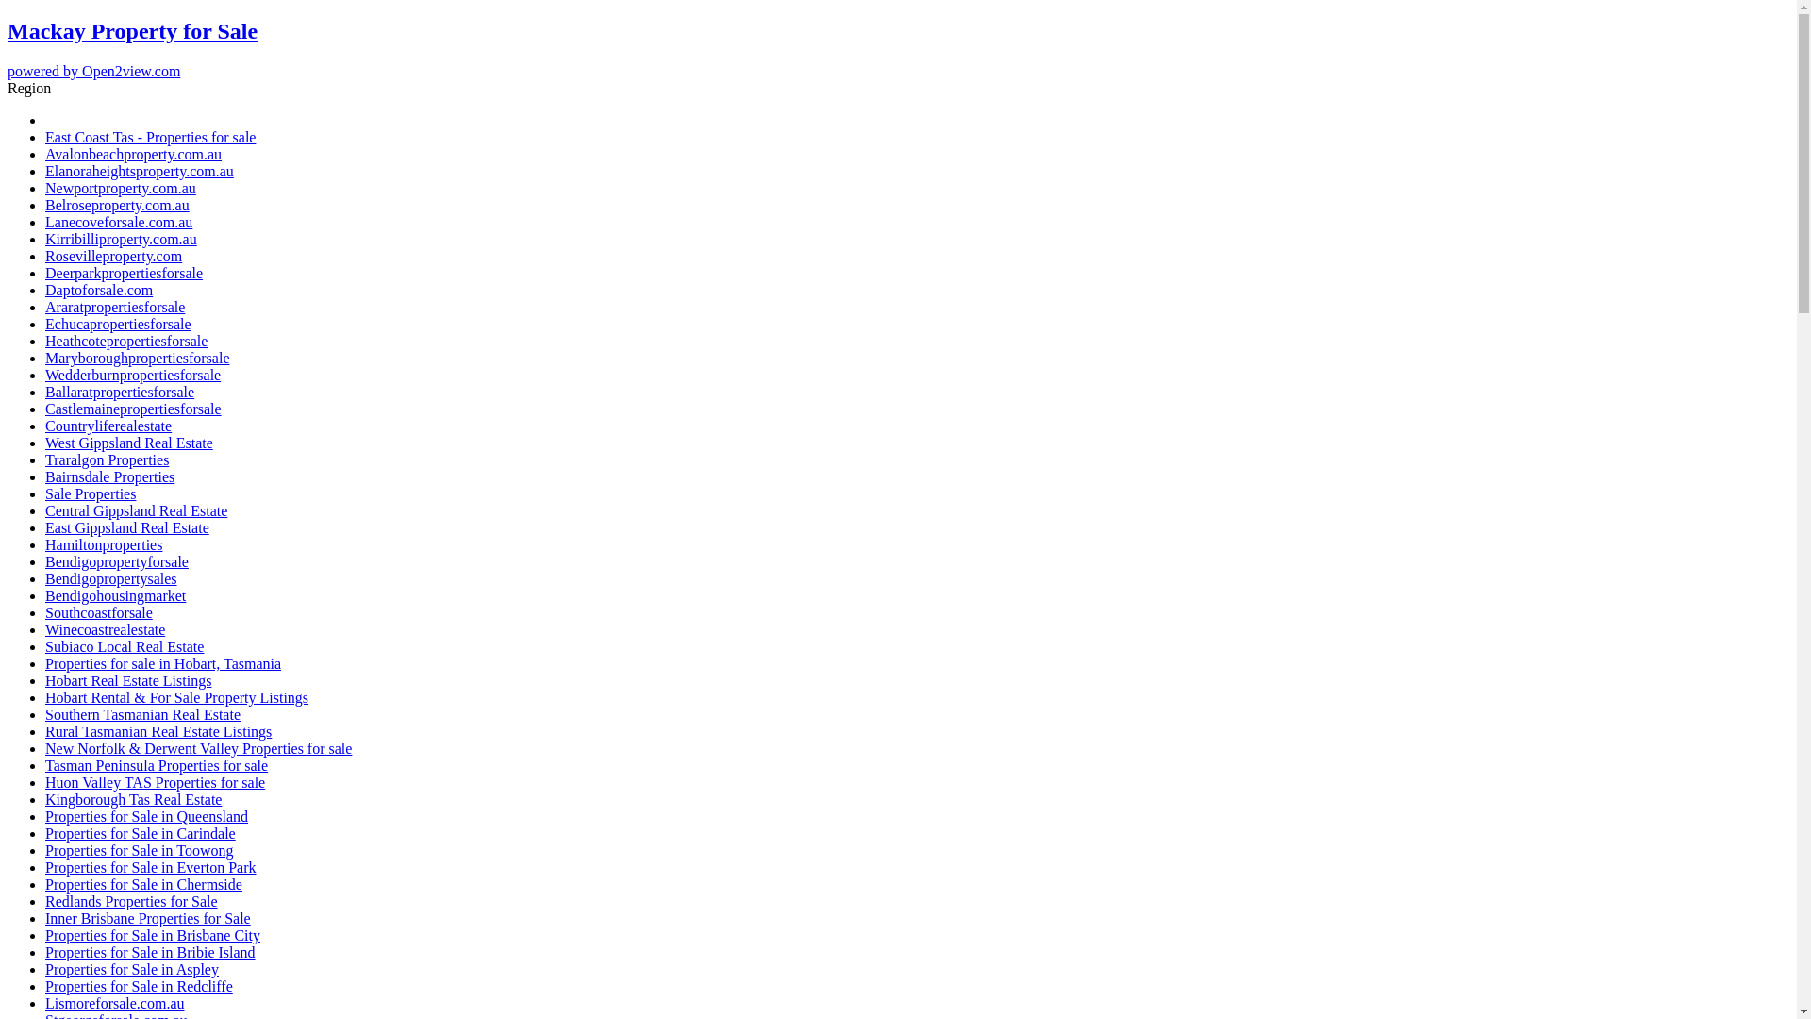 This screenshot has height=1019, width=1811. Describe the element at coordinates (98, 290) in the screenshot. I see `'Daptoforsale.com'` at that location.